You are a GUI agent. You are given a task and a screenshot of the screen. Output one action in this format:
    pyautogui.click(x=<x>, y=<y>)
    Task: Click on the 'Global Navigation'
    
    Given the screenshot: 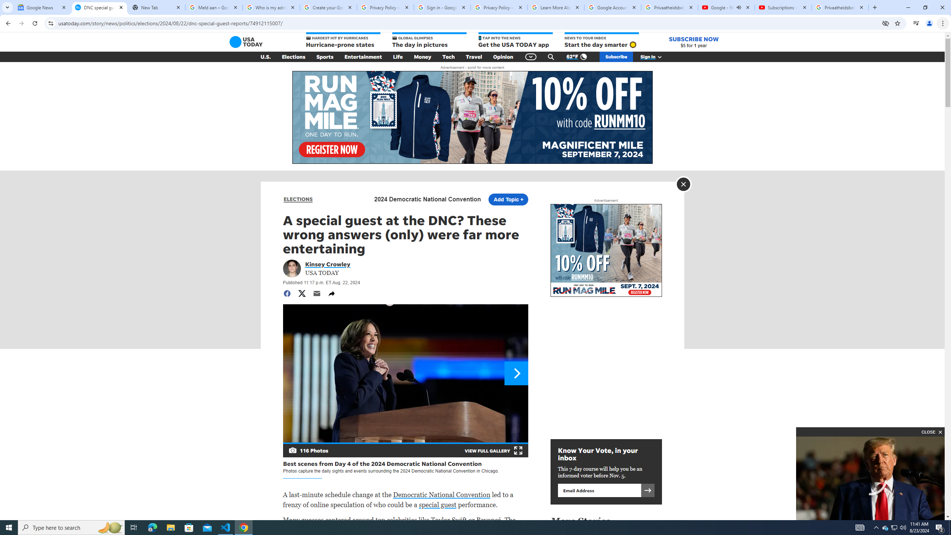 What is the action you would take?
    pyautogui.click(x=530, y=57)
    